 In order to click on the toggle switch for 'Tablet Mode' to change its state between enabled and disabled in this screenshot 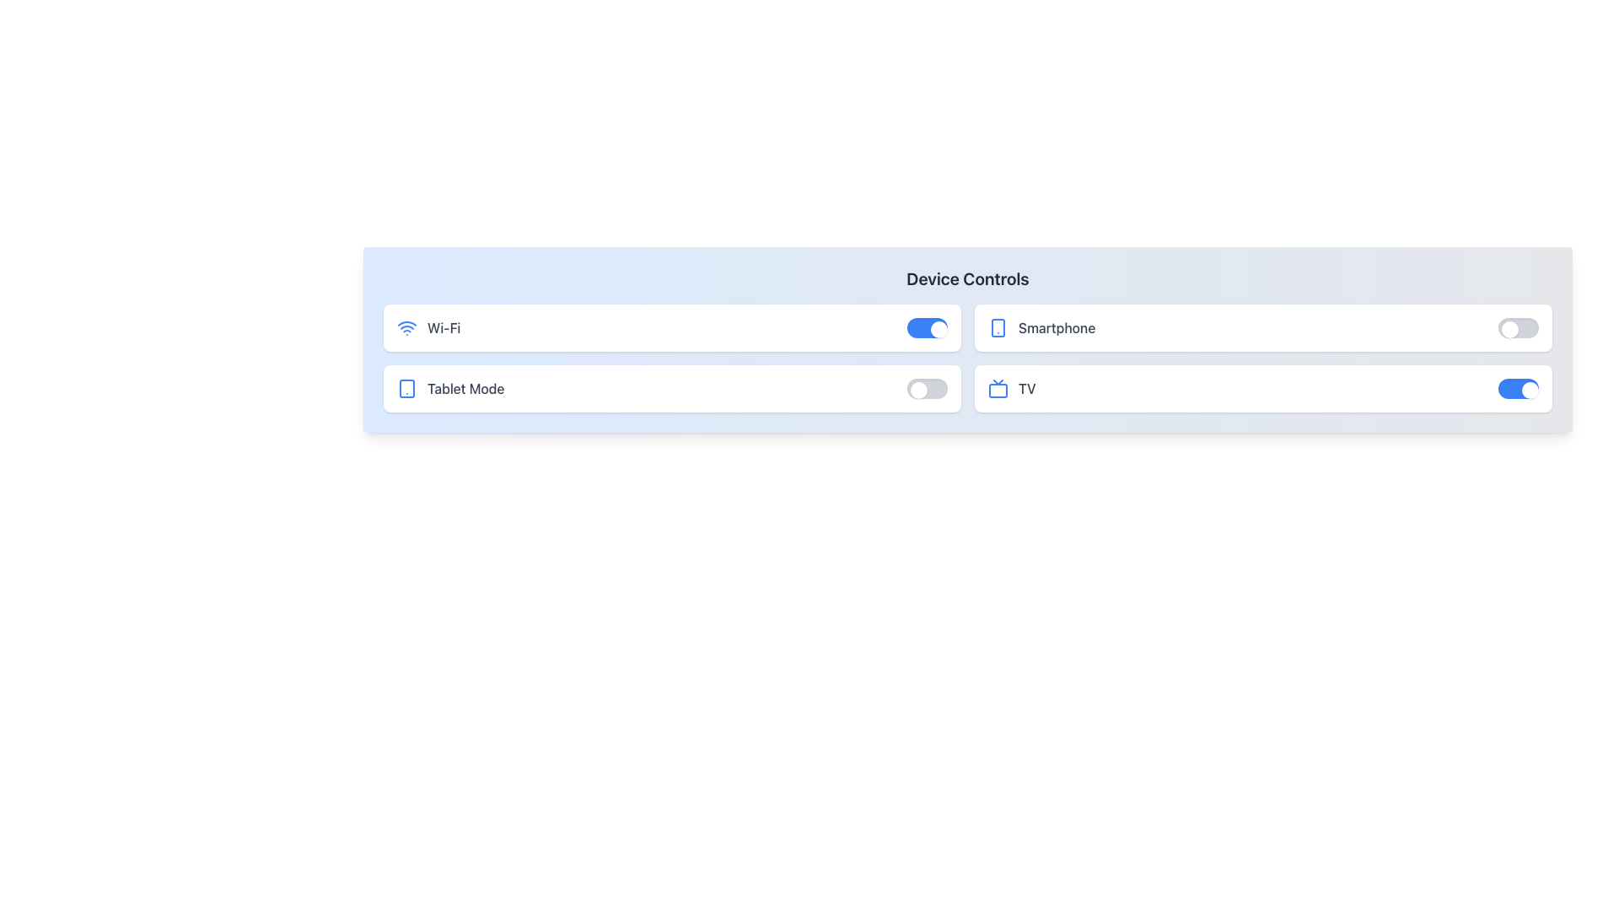, I will do `click(926, 389)`.